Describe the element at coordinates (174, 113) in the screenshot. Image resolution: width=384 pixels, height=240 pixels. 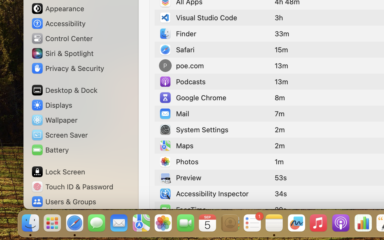
I see `'Mail'` at that location.